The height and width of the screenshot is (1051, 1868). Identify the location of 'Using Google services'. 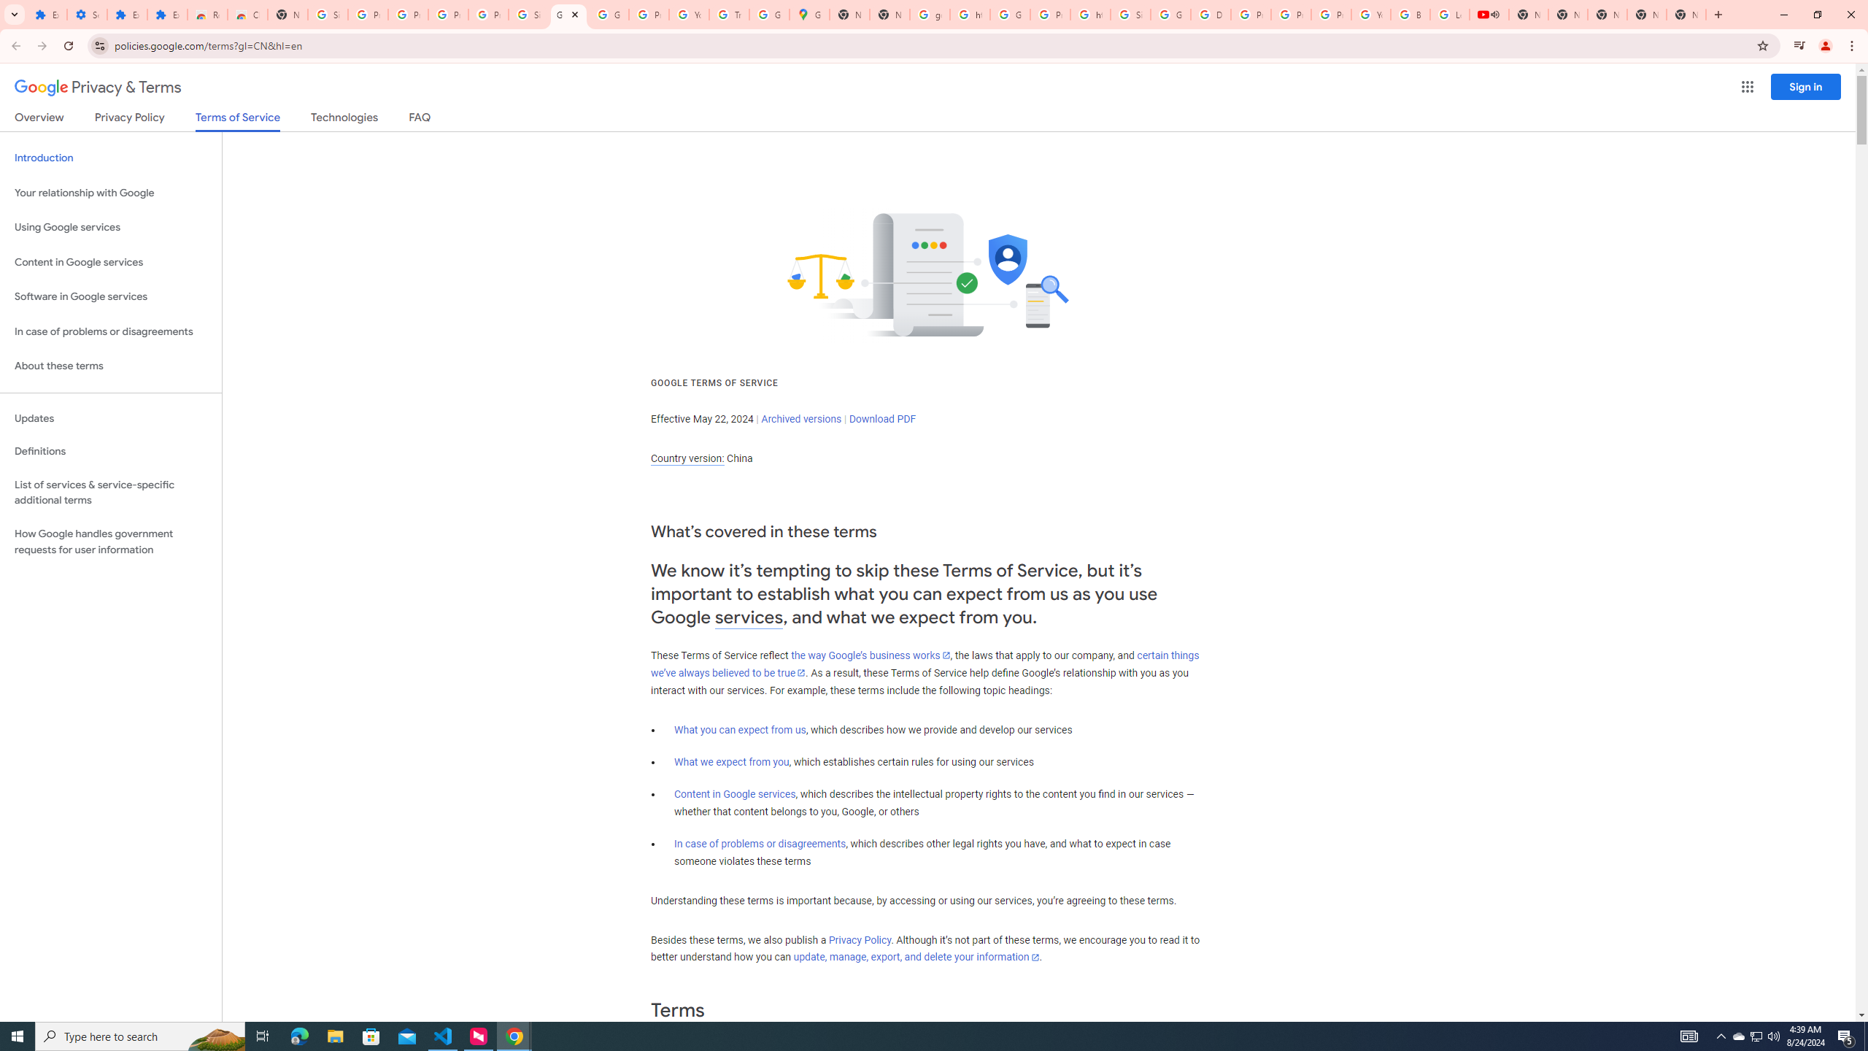
(110, 226).